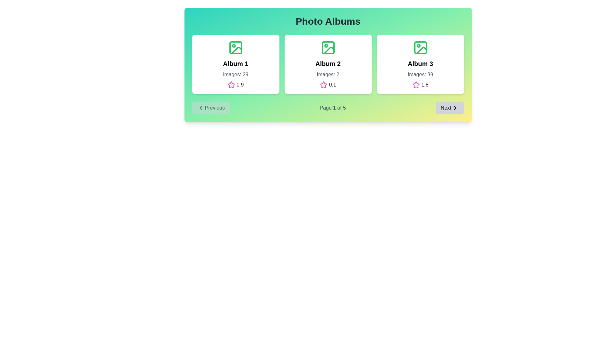 The height and width of the screenshot is (346, 616). What do you see at coordinates (201, 107) in the screenshot?
I see `the left-pointing chevron SVG icon that is embedded within the 'Previous' button at the bottom-left of the content card displaying photo albums` at bounding box center [201, 107].